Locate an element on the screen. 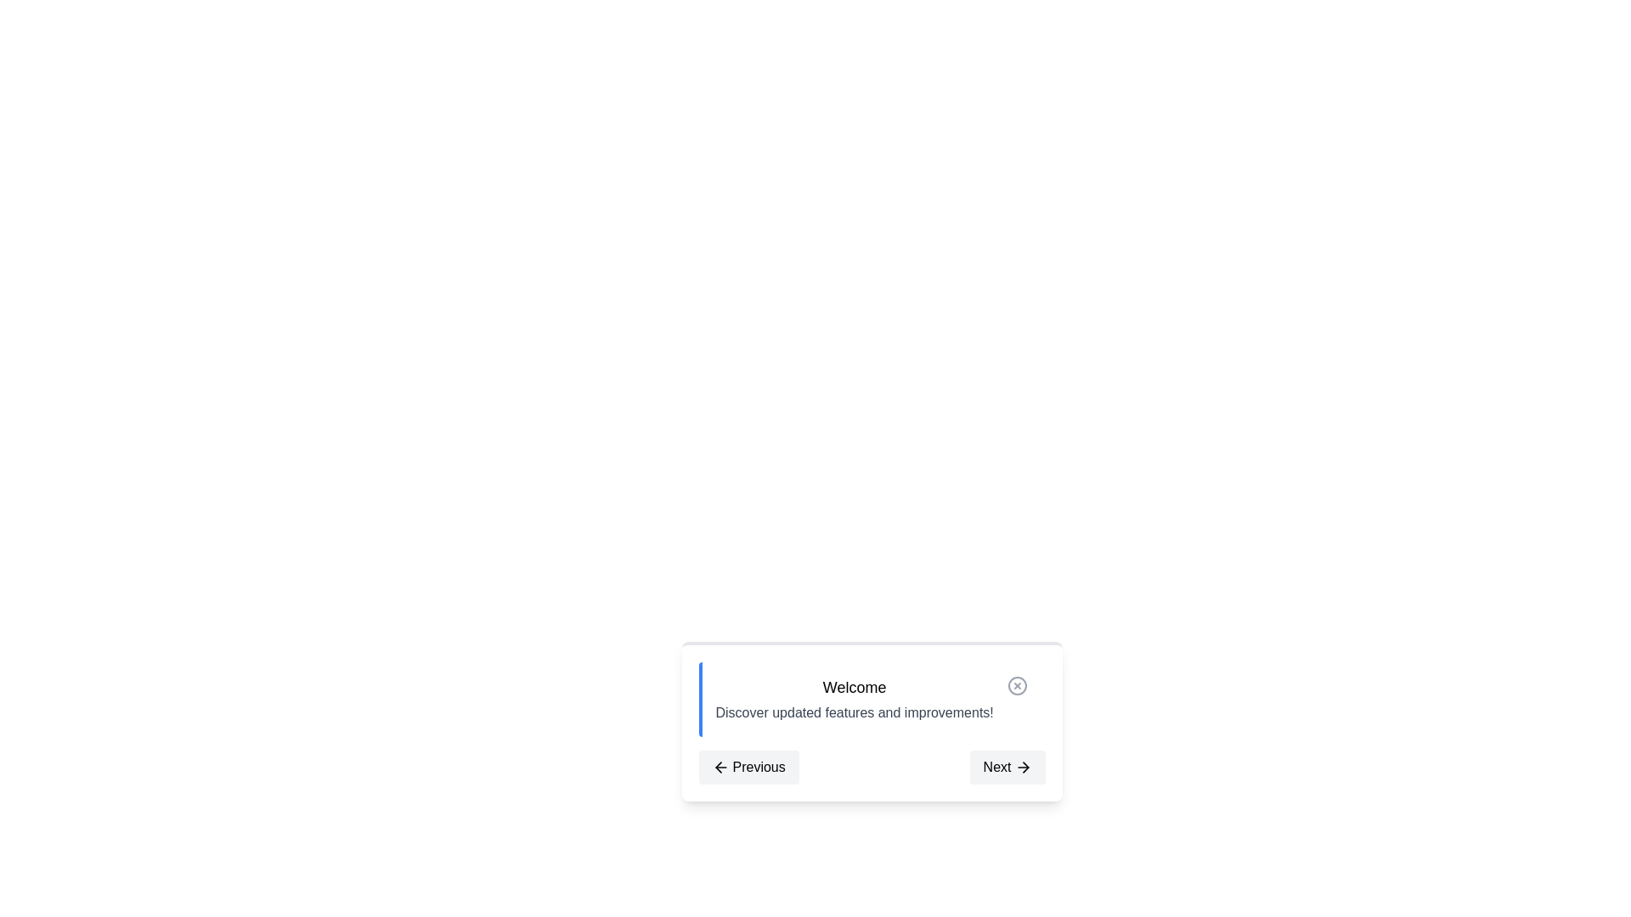 This screenshot has width=1631, height=917. the navigation button located at the bottom-left corner of the interface to move to the previous item in the sequence is located at coordinates (748, 767).